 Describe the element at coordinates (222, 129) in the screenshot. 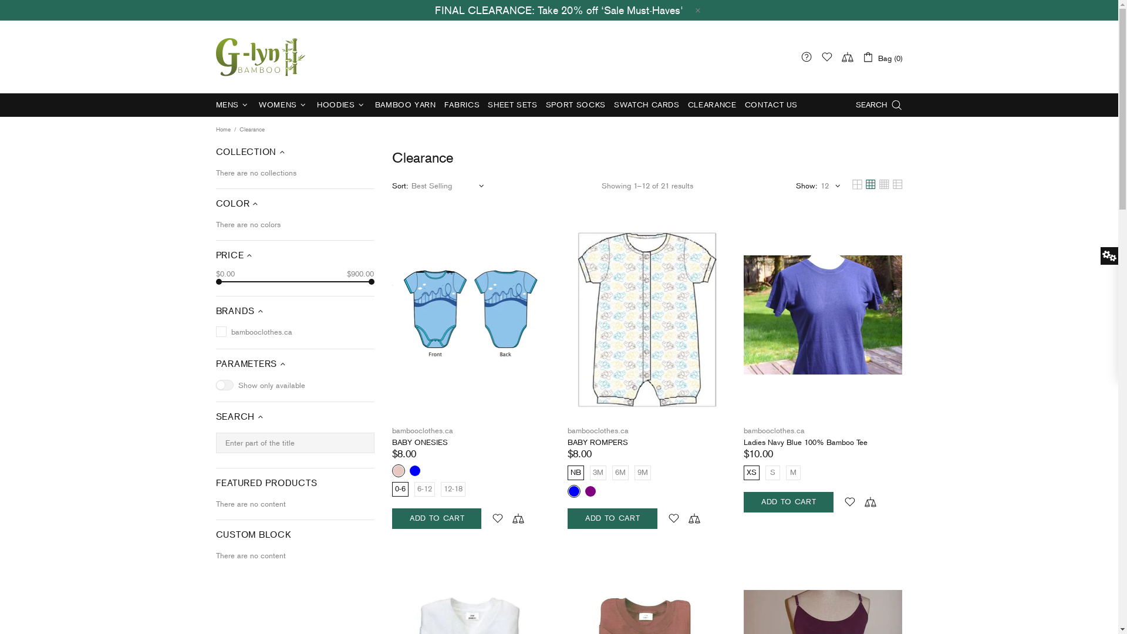

I see `'Home'` at that location.